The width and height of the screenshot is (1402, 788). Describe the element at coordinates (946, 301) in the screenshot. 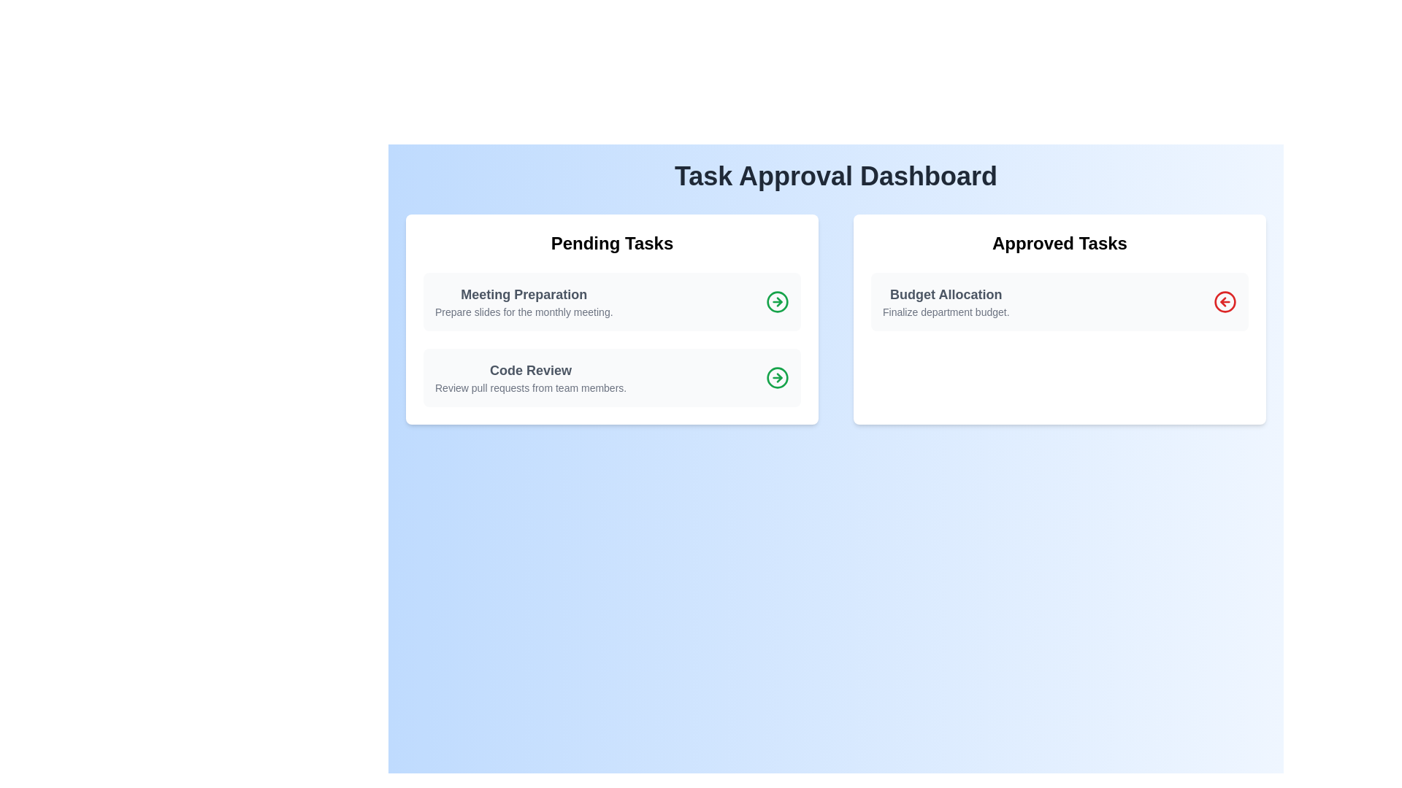

I see `the text label indicating the task title 'Budget Allocation' and description 'Finalize department budget' located in the 'Approved Tasks' section` at that location.